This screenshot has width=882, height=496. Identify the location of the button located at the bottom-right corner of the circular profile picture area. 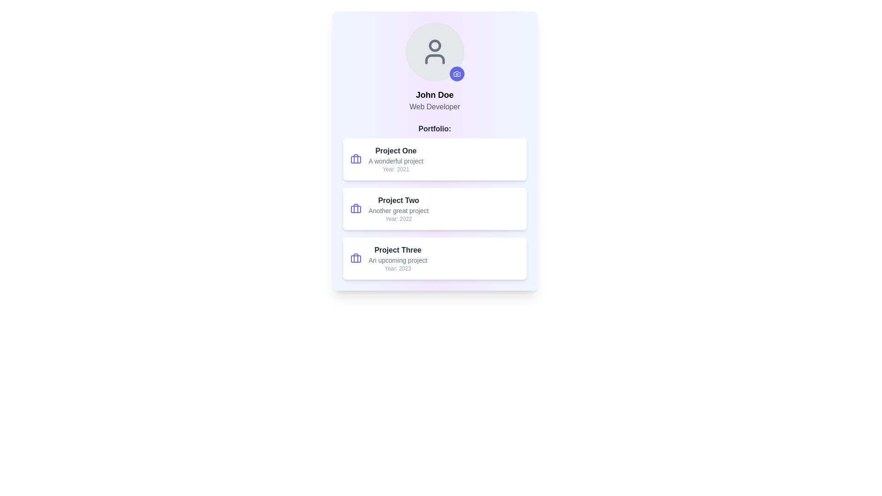
(457, 73).